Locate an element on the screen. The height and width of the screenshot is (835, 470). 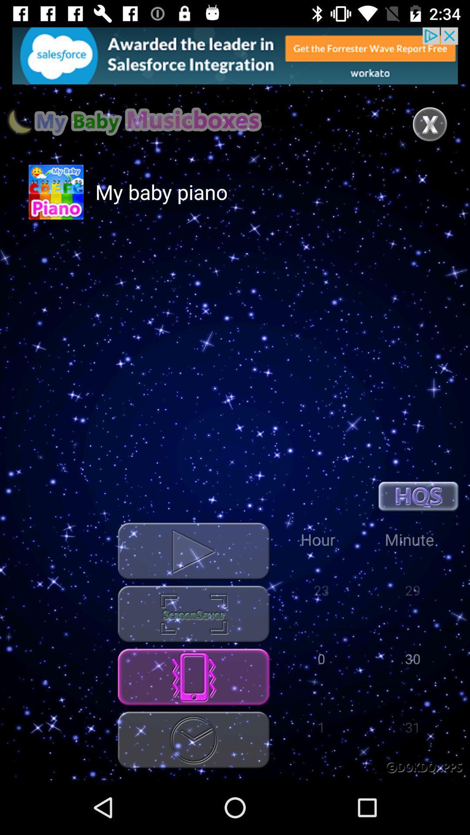
timing option is located at coordinates (193, 740).